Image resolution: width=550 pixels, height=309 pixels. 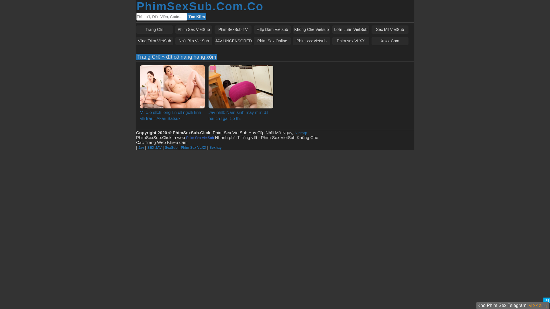 I want to click on 'SEX JAV', so click(x=147, y=147).